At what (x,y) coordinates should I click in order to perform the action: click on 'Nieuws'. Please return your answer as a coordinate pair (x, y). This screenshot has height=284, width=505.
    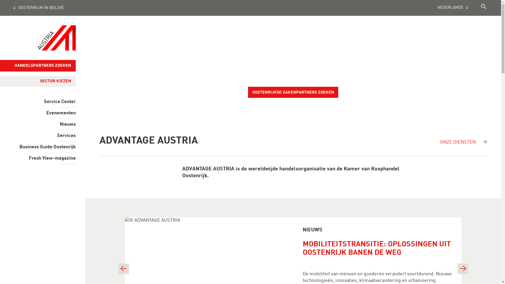
    Looking at the image, I should click on (38, 124).